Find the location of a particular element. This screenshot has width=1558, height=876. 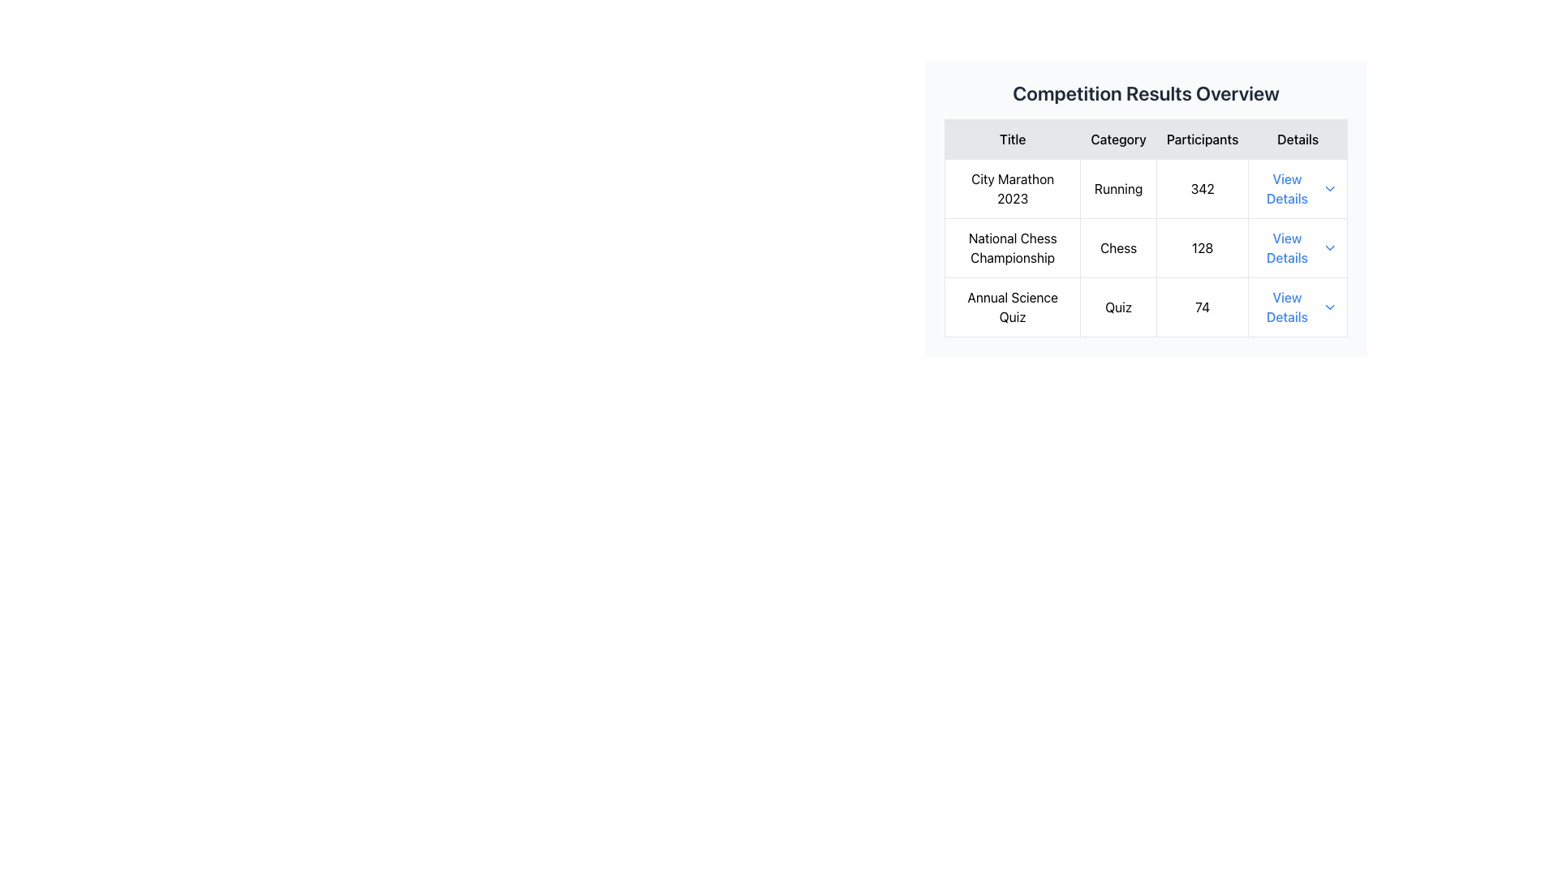

the 'View Details' button with dropdown functionality located is located at coordinates (1297, 307).